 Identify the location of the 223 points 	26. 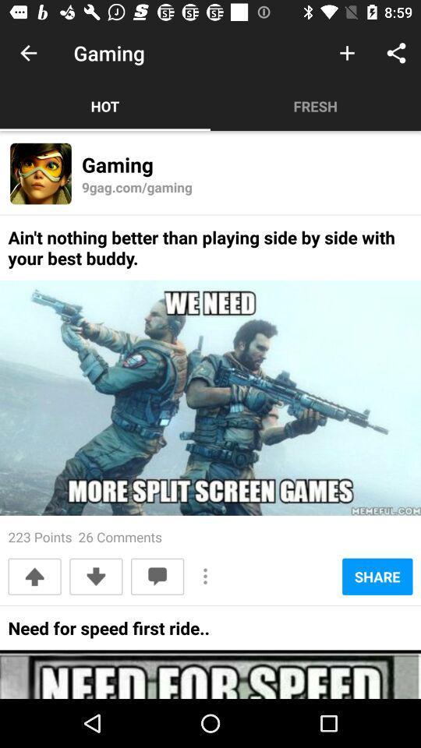
(85, 537).